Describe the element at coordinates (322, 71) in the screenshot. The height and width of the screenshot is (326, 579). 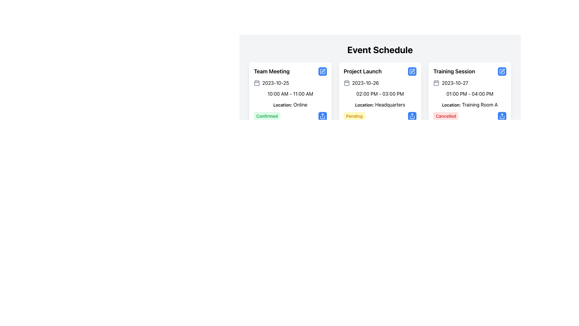
I see `the square-shaped icon with a blue outline and a pen symbol located at the top right of the 'Team Meeting' card for editing functionality` at that location.